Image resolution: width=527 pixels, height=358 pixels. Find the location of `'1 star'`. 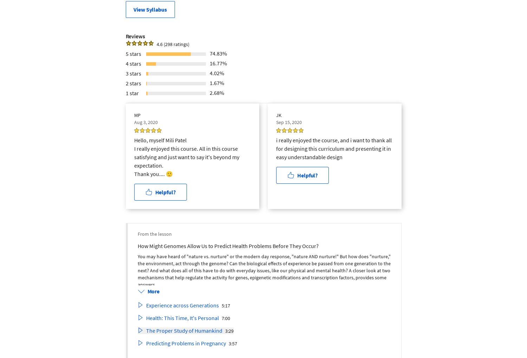

'1 star' is located at coordinates (132, 93).